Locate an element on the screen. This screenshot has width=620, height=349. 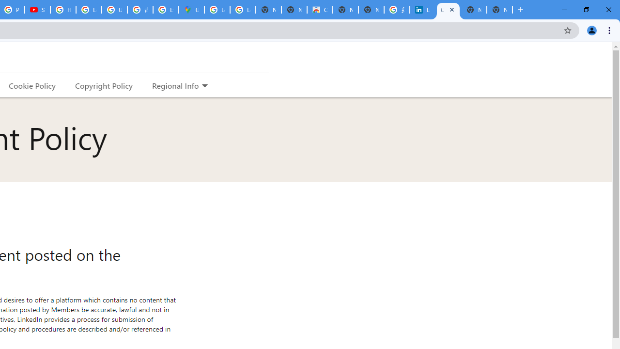
'Chrome Web Store' is located at coordinates (320, 10).